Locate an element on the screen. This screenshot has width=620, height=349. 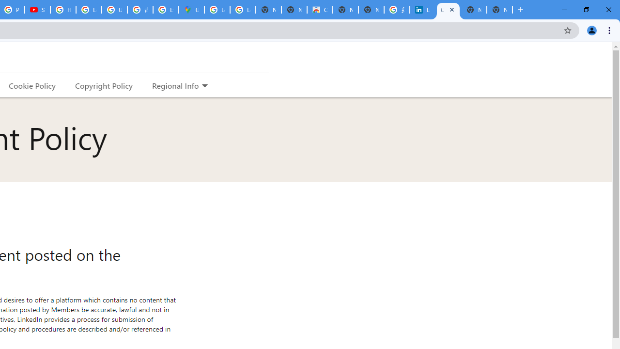
'Chrome Web Store' is located at coordinates (320, 10).